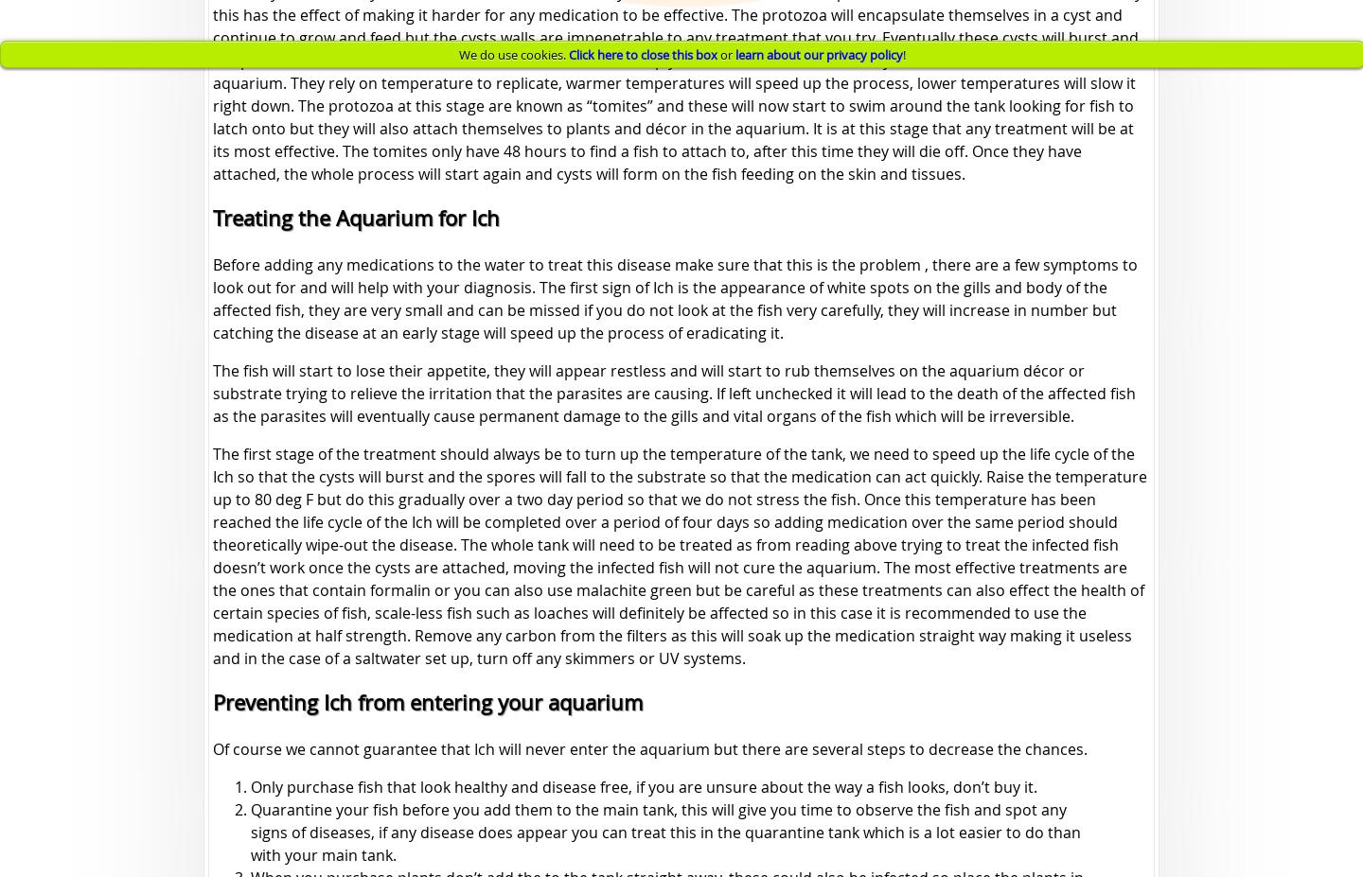 Image resolution: width=1363 pixels, height=877 pixels. I want to click on 'Quarantine your fish before you add them to the main tank, this will give you time to observe the fish and spot any signs of diseases, if any disease does appear you can treat this in the quarantine tank which is a lot easier to do than with your main tank.', so click(665, 833).